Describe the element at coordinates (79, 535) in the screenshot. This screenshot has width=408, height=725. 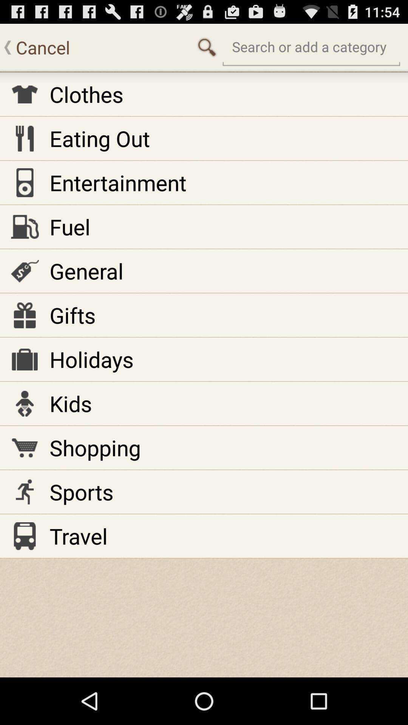
I see `the travel icon` at that location.